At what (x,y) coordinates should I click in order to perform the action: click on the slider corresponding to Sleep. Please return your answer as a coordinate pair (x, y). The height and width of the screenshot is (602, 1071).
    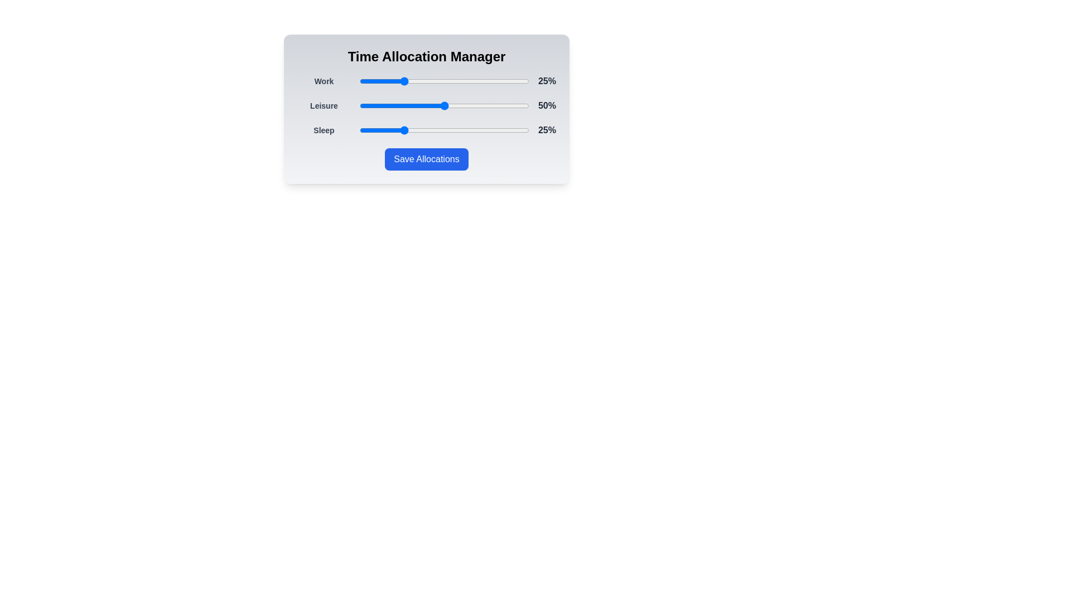
    Looking at the image, I should click on (443, 130).